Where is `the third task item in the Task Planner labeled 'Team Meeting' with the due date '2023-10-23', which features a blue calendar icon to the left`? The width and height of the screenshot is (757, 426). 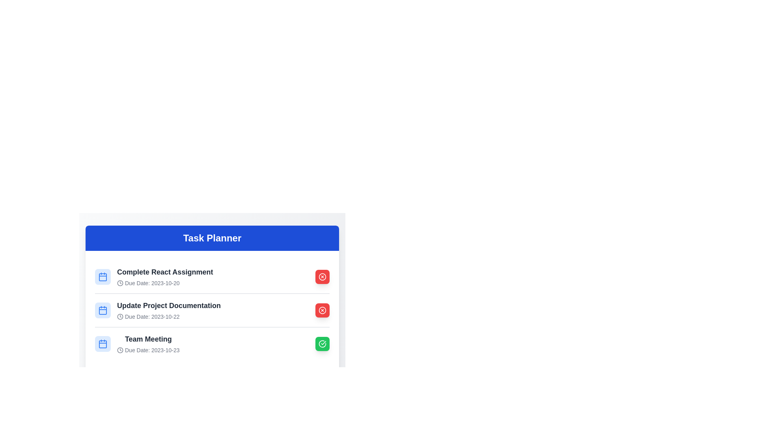 the third task item in the Task Planner labeled 'Team Meeting' with the due date '2023-10-23', which features a blue calendar icon to the left is located at coordinates (137, 343).